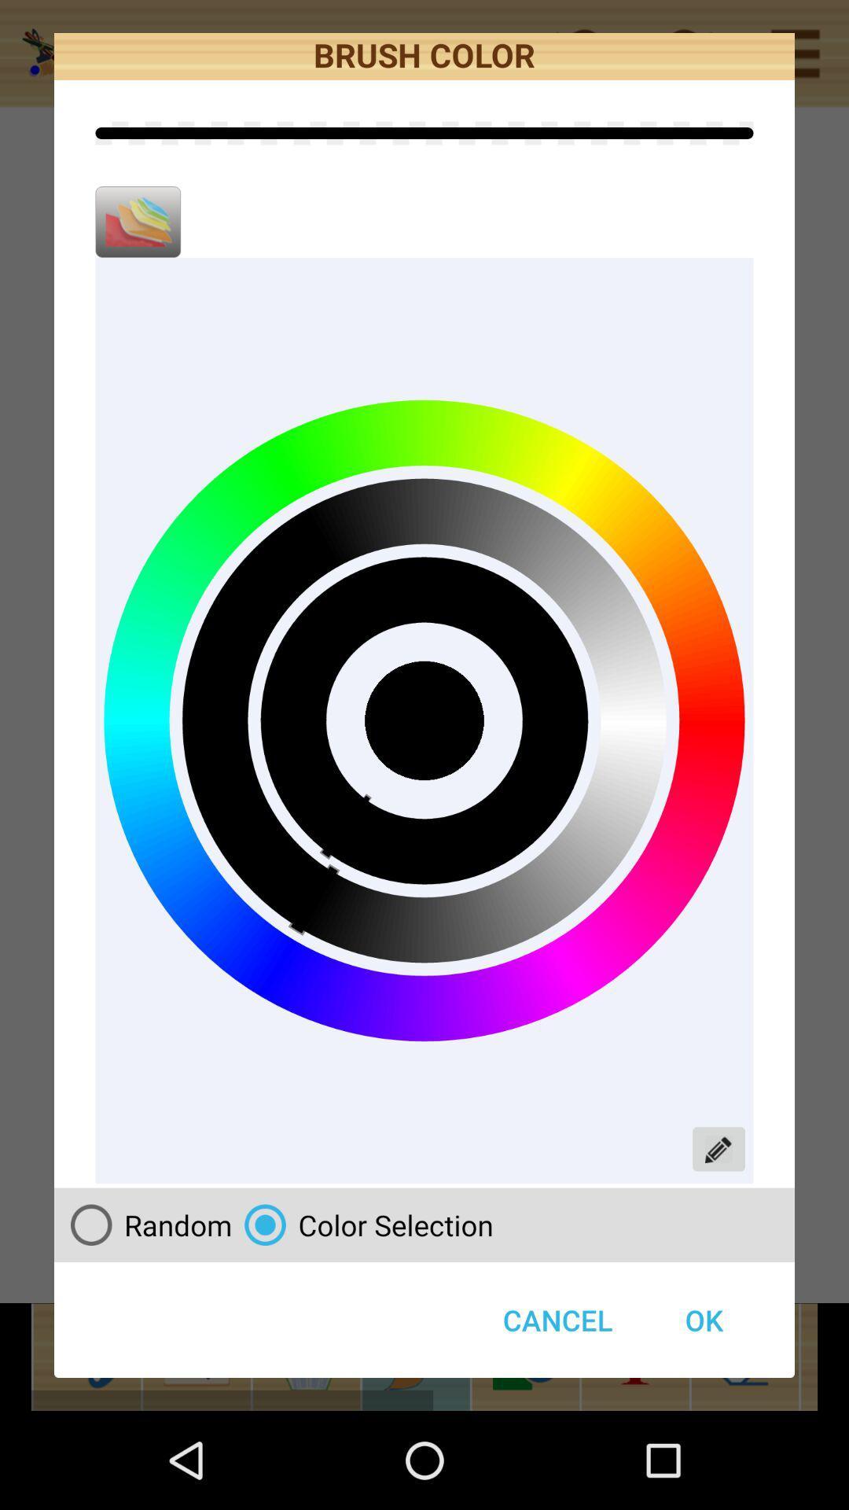  What do you see at coordinates (557, 1320) in the screenshot?
I see `the cancel button` at bounding box center [557, 1320].